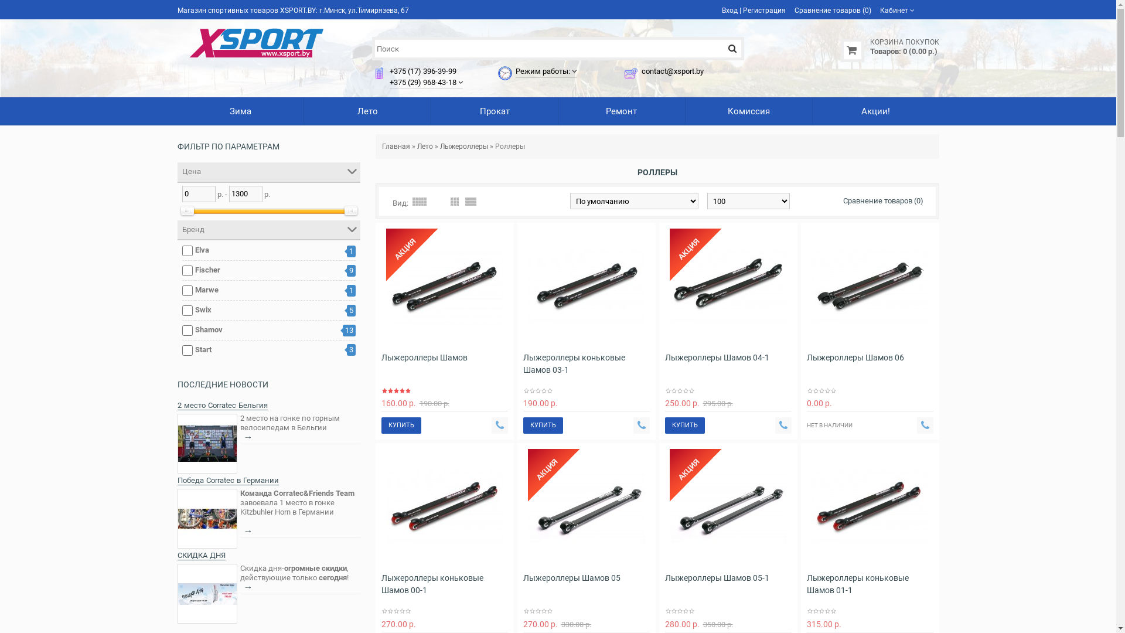 The height and width of the screenshot is (633, 1125). What do you see at coordinates (419, 200) in the screenshot?
I see `'view5'` at bounding box center [419, 200].